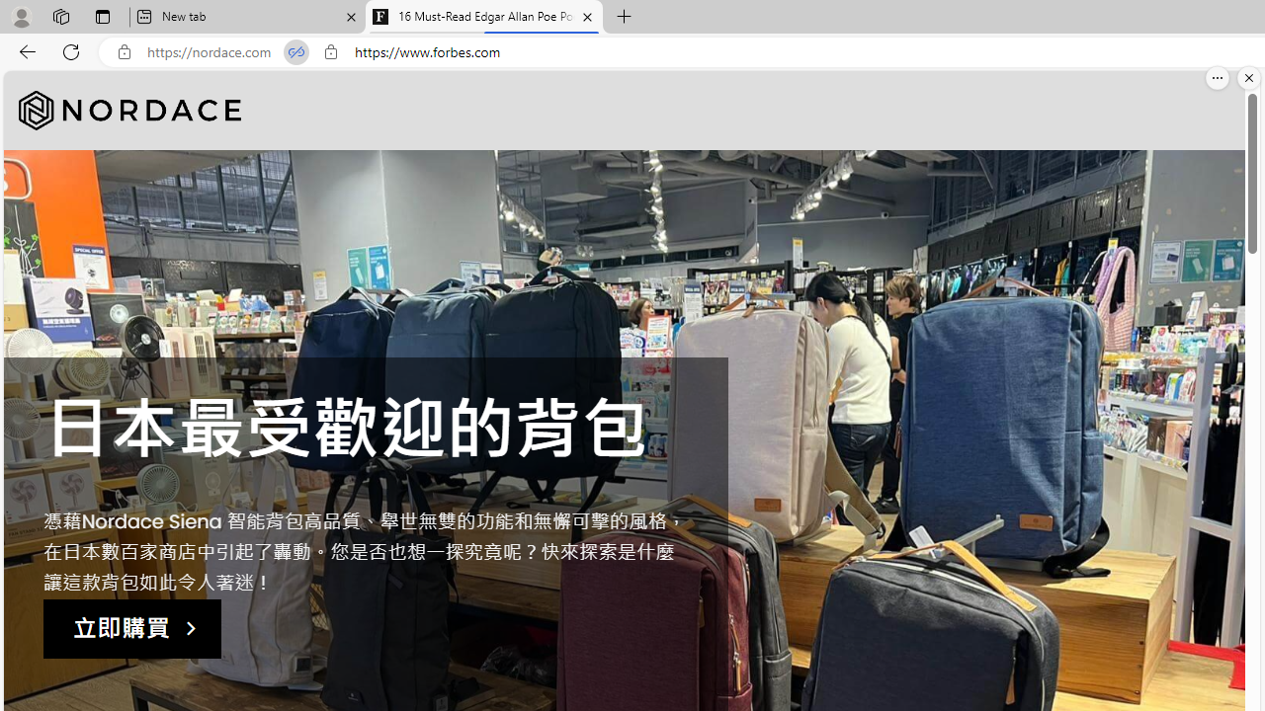 Image resolution: width=1265 pixels, height=711 pixels. I want to click on 'More options.', so click(1217, 77).